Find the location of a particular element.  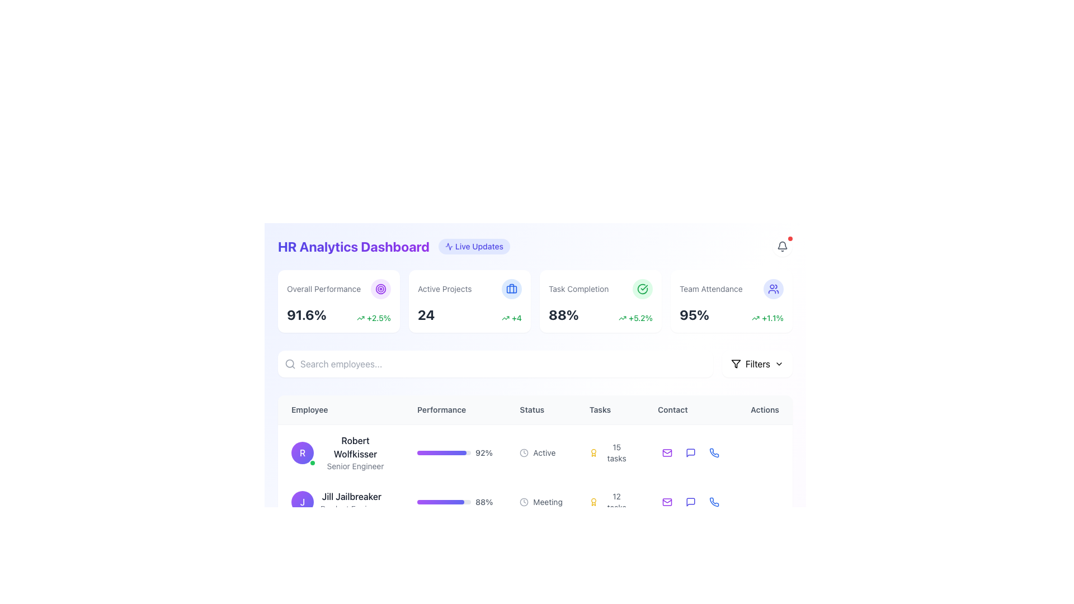

the circular purple avatar labeled 'R' that displays the profile information of 'Robert Wolfkisser' is located at coordinates (340, 453).